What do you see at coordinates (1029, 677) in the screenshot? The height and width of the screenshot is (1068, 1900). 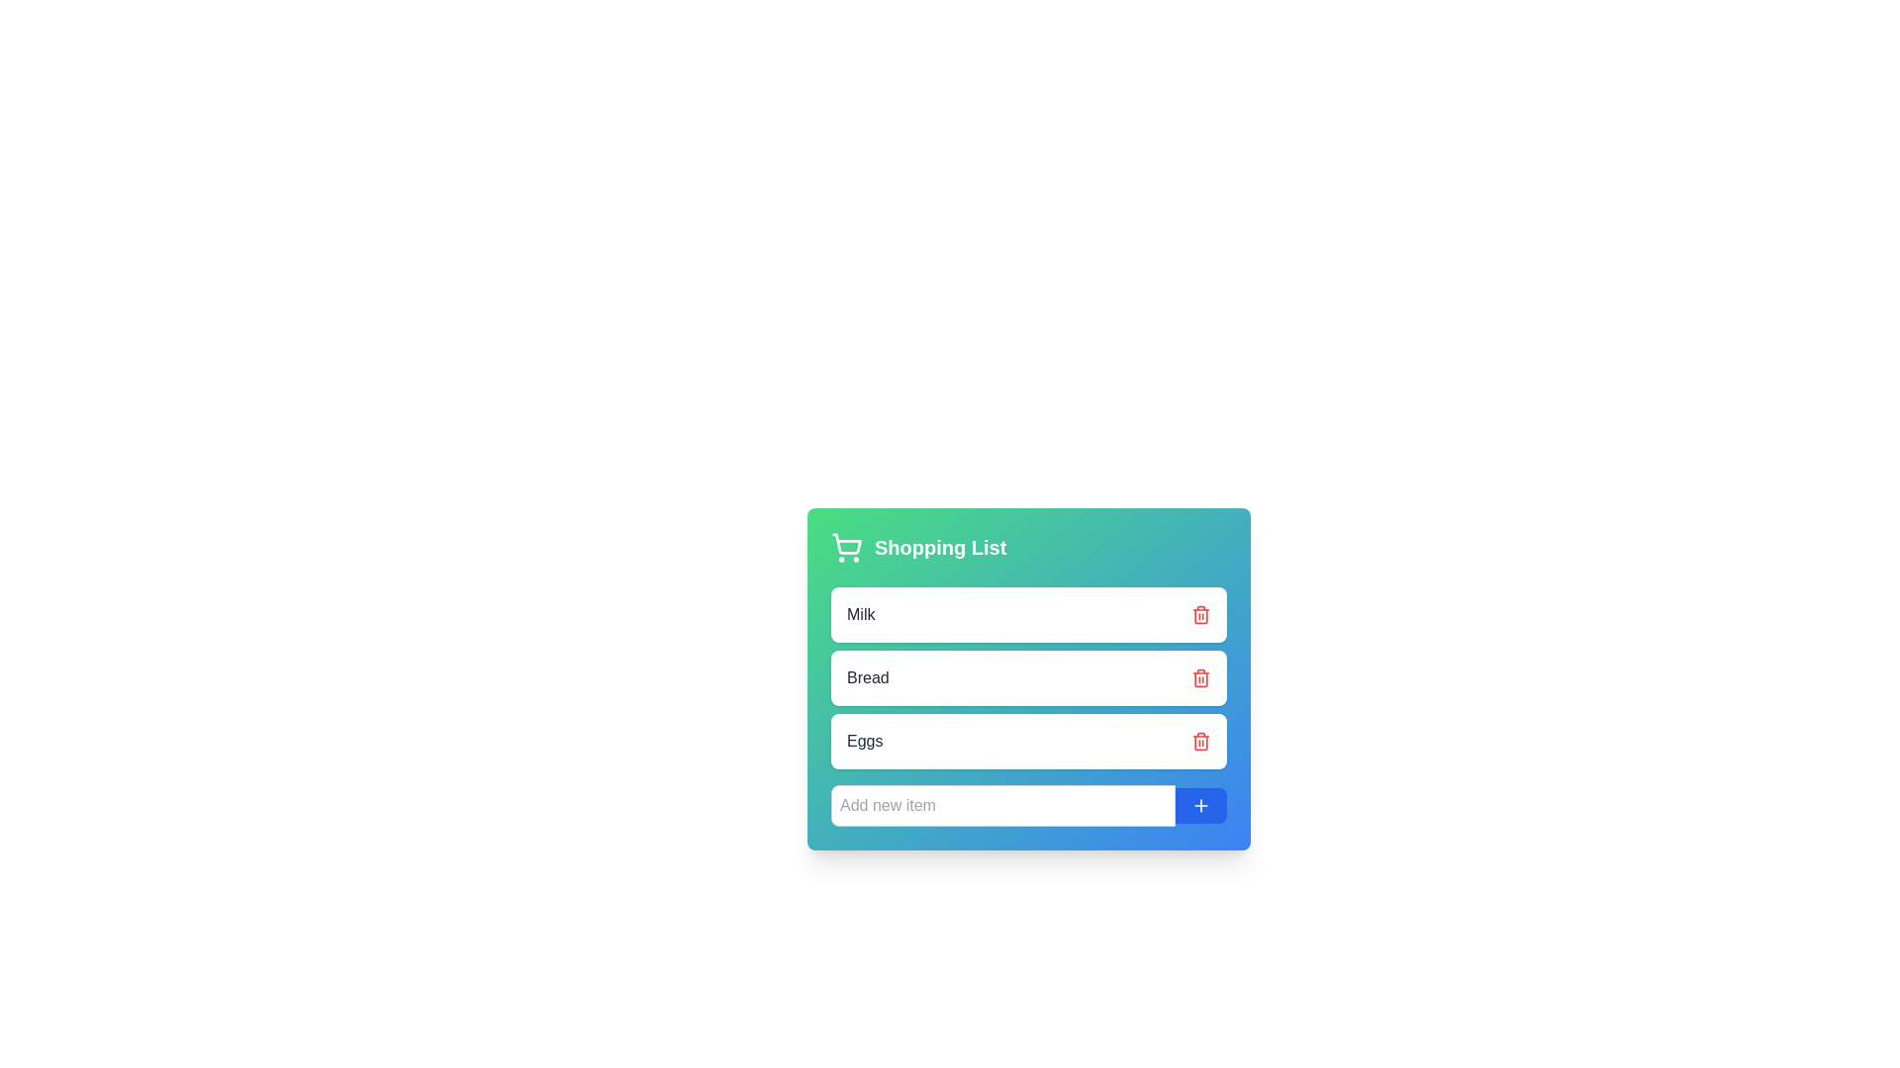 I see `the 'Bread' item in the shopping list` at bounding box center [1029, 677].